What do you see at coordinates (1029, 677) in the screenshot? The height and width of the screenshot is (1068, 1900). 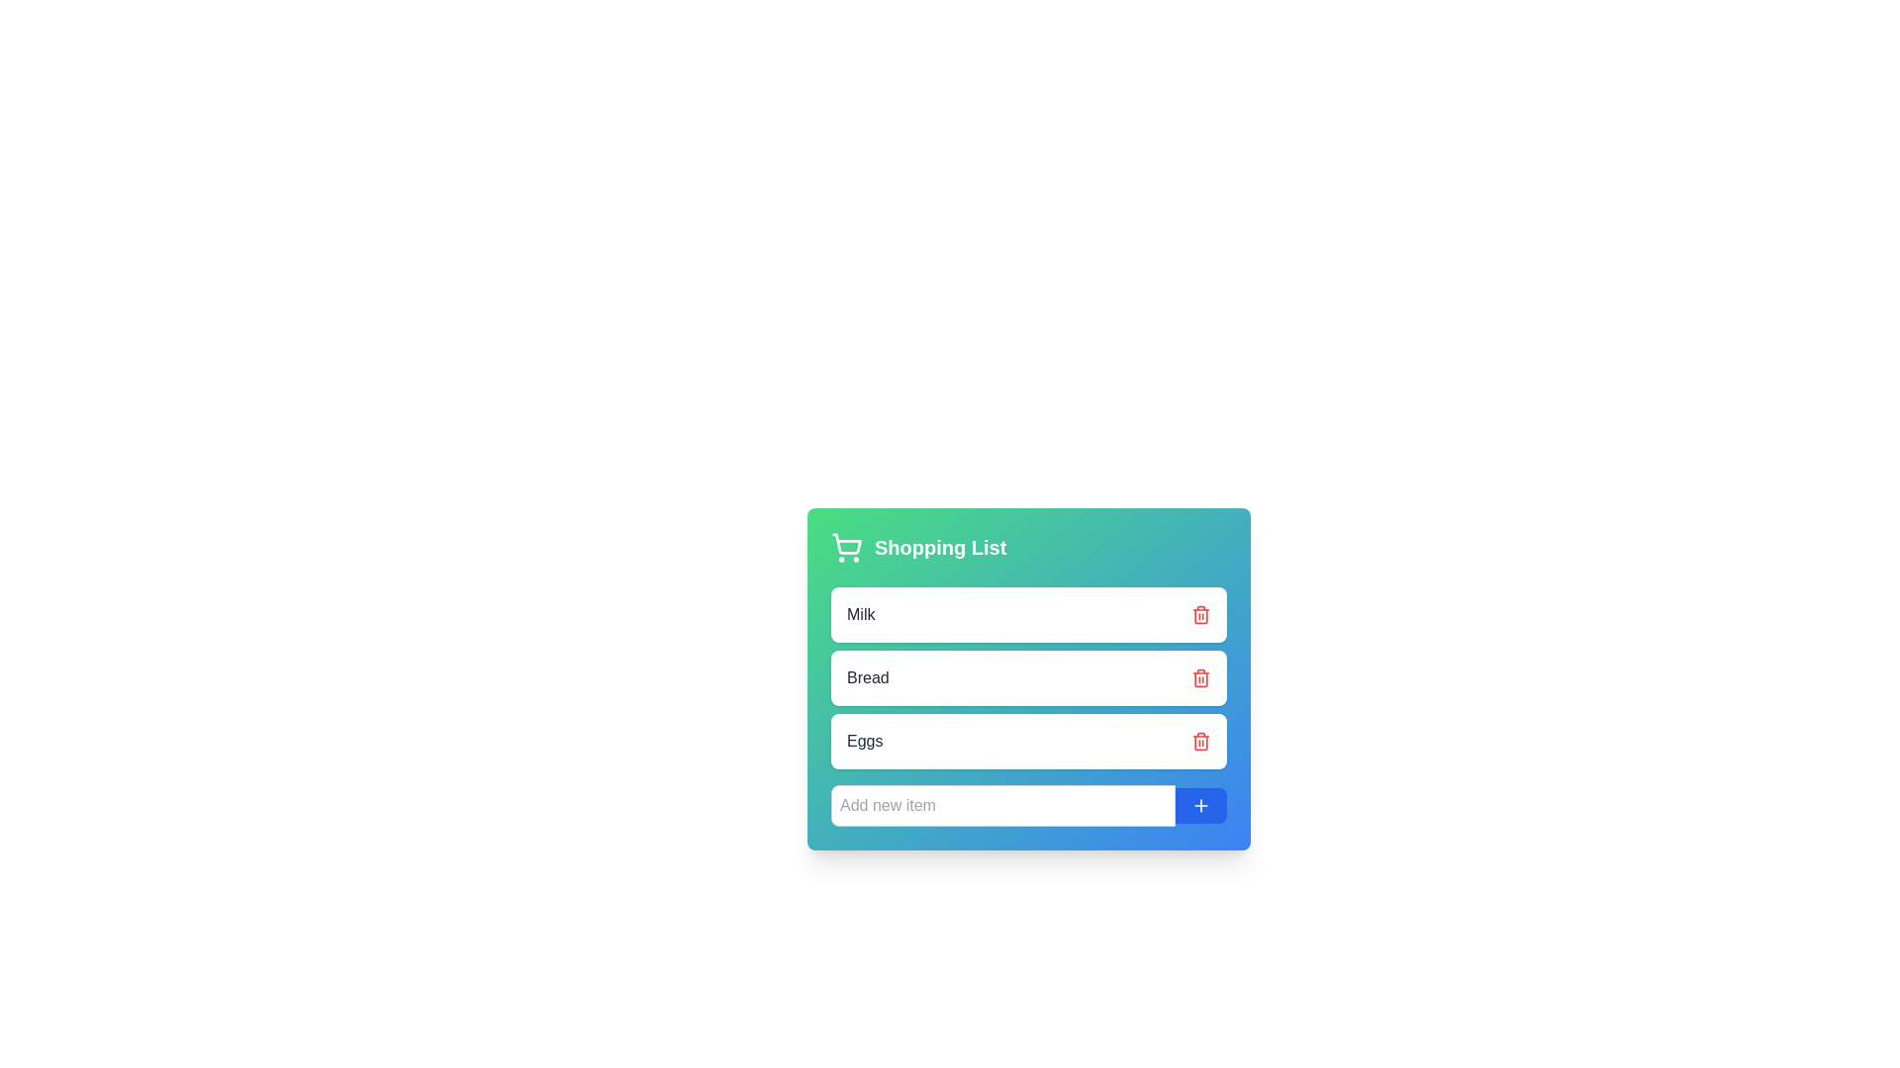 I see `the 'Bread' item in the shopping list` at bounding box center [1029, 677].